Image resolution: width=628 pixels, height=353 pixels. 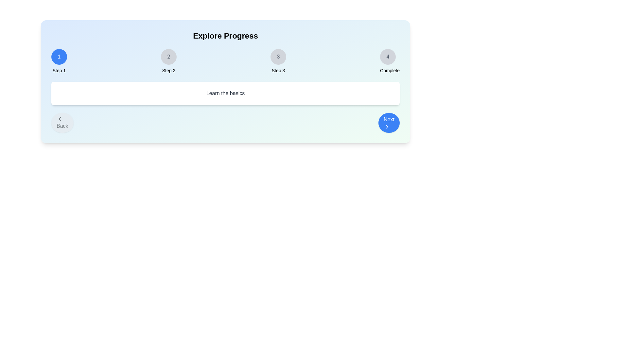 What do you see at coordinates (62, 123) in the screenshot?
I see `the 'Back' button to navigate to the previous step` at bounding box center [62, 123].